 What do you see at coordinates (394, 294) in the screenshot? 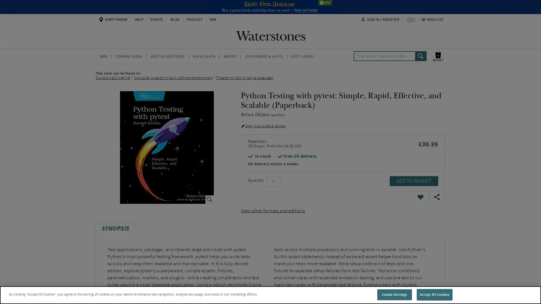
I see `Cookie Settings` at bounding box center [394, 294].